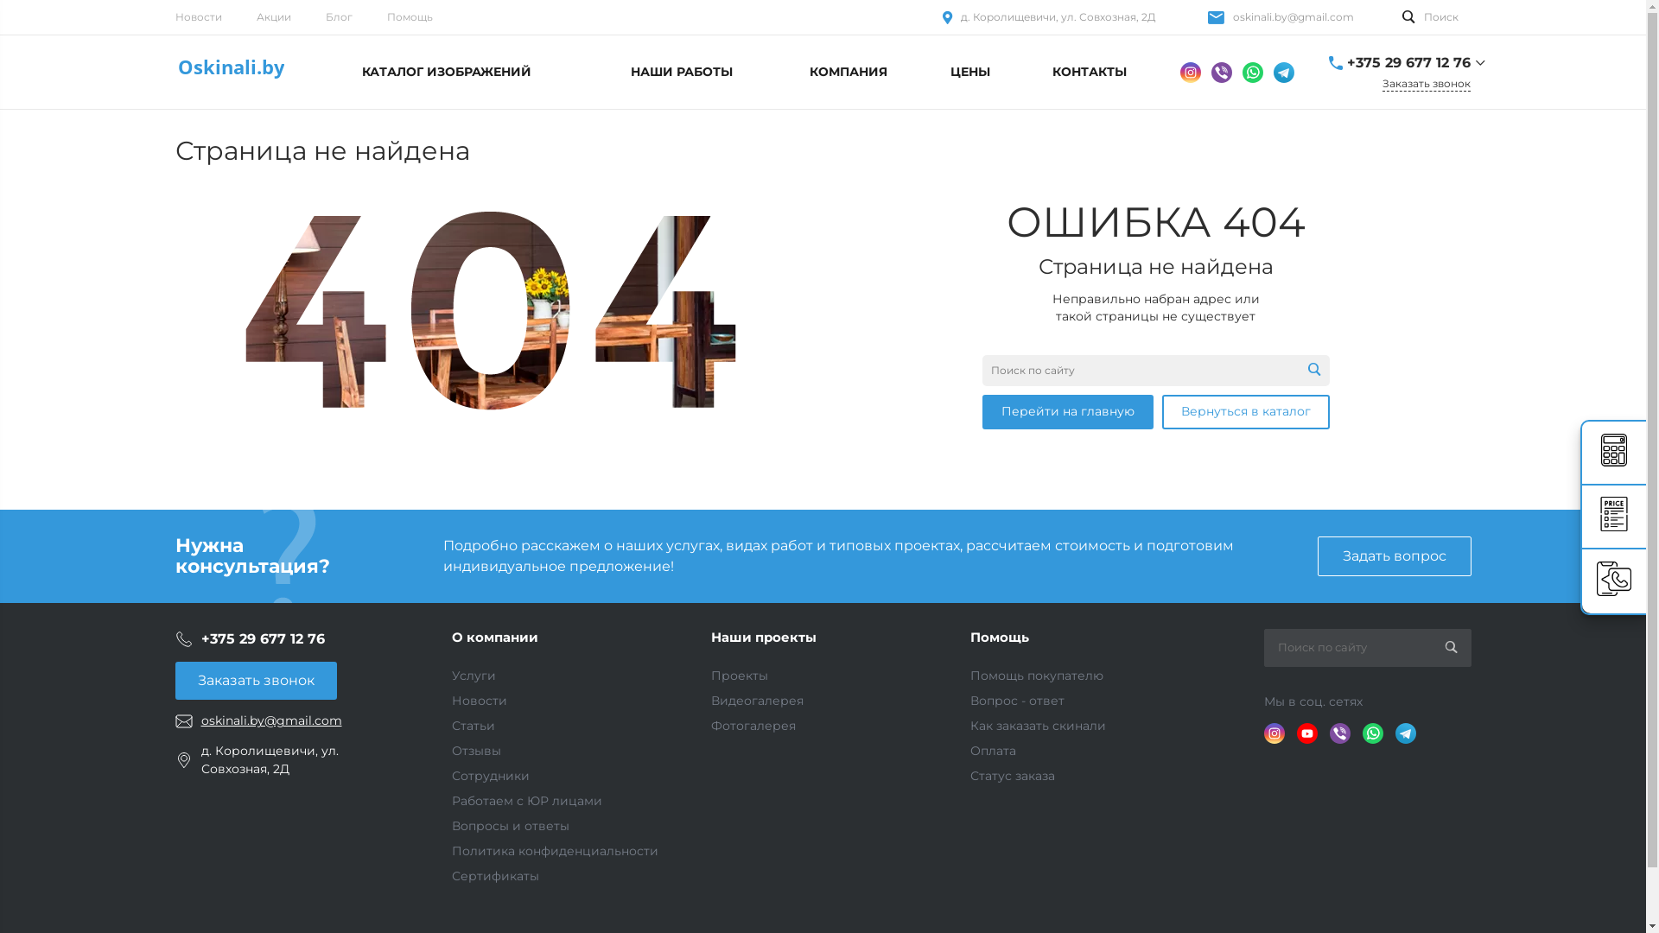 The width and height of the screenshot is (1659, 933). What do you see at coordinates (200, 638) in the screenshot?
I see `'+375 29 677 12 76'` at bounding box center [200, 638].